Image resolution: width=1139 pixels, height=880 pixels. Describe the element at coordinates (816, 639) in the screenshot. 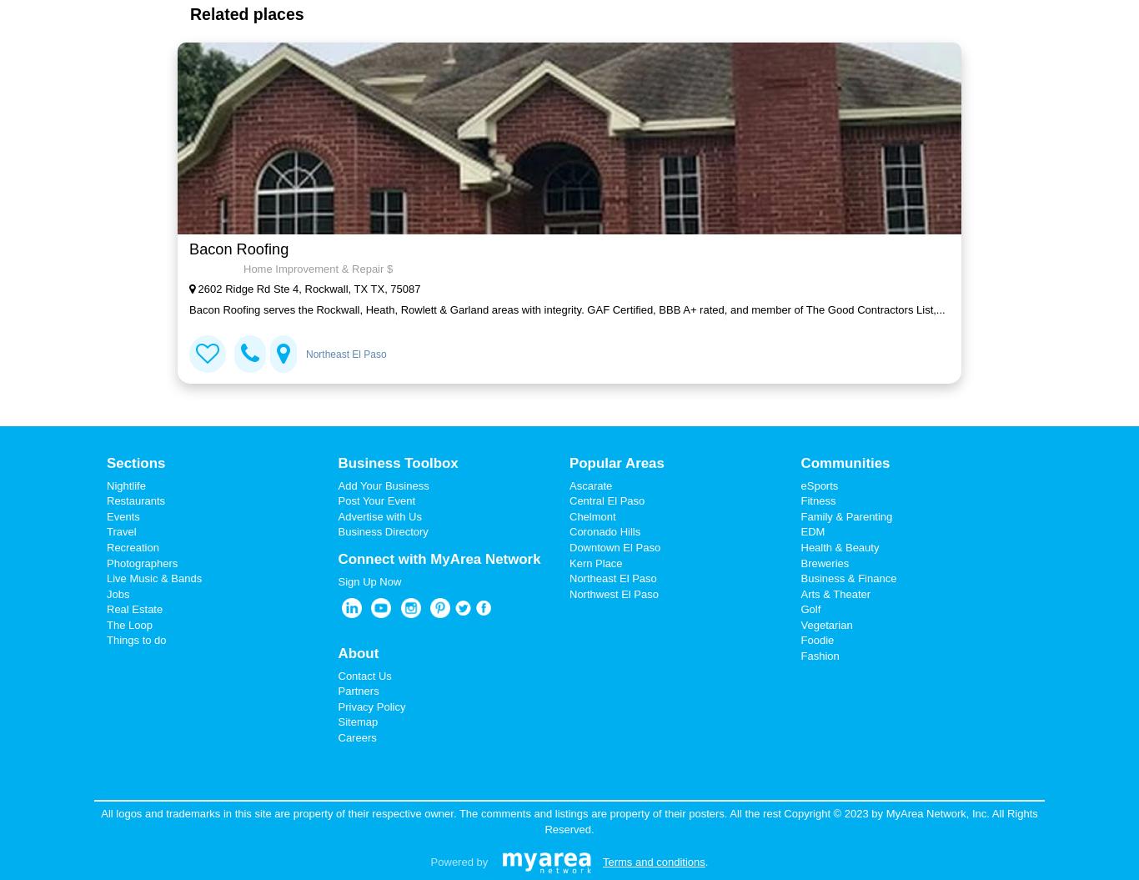

I see `'Foodie'` at that location.